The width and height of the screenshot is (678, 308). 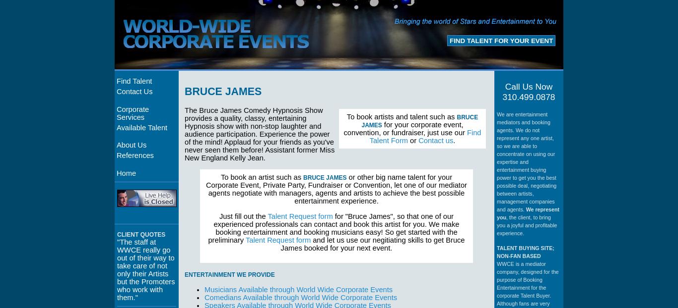 I want to click on 'Comedians Available through World Wide Corporate Events', so click(x=203, y=297).